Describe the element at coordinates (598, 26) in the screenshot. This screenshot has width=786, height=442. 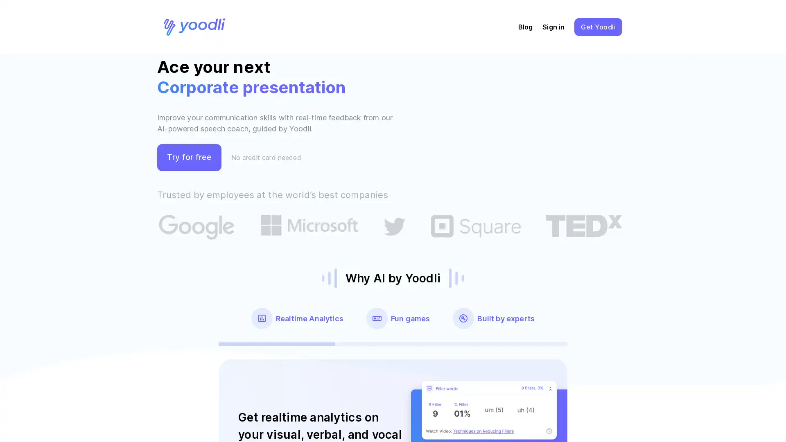
I see `GetYoodli` at that location.